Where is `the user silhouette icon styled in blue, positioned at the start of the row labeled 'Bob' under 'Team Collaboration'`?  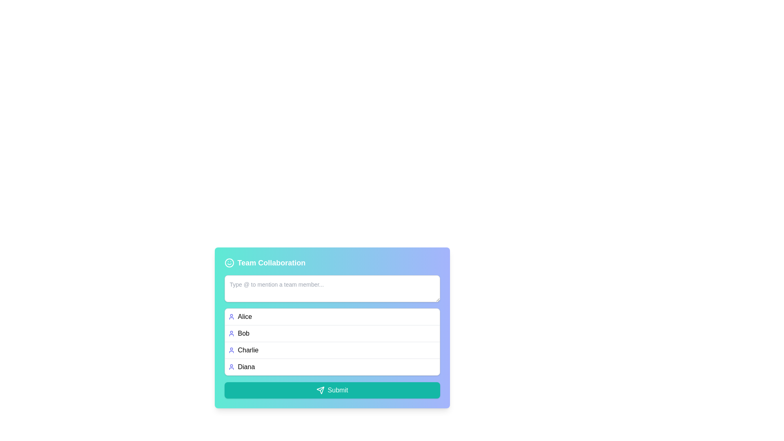
the user silhouette icon styled in blue, positioned at the start of the row labeled 'Bob' under 'Team Collaboration' is located at coordinates (231, 334).